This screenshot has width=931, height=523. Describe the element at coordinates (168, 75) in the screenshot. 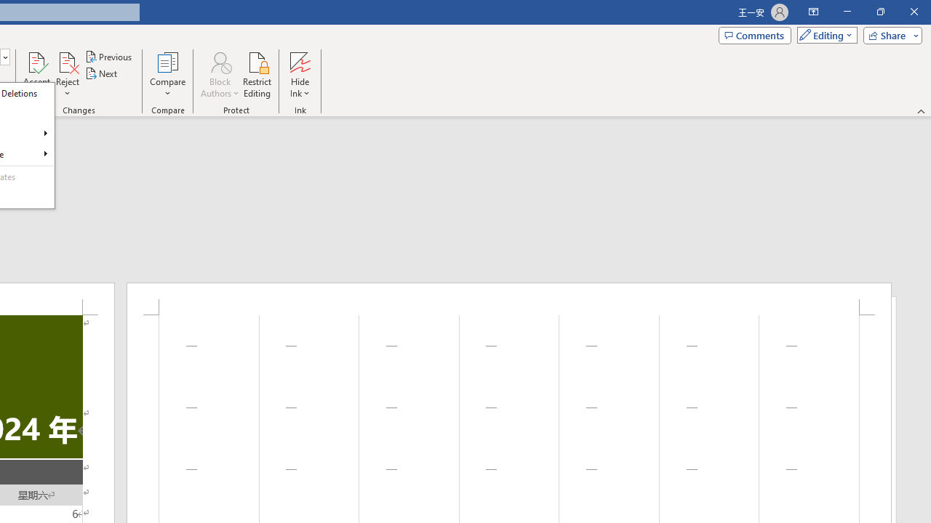

I see `'Compare'` at that location.